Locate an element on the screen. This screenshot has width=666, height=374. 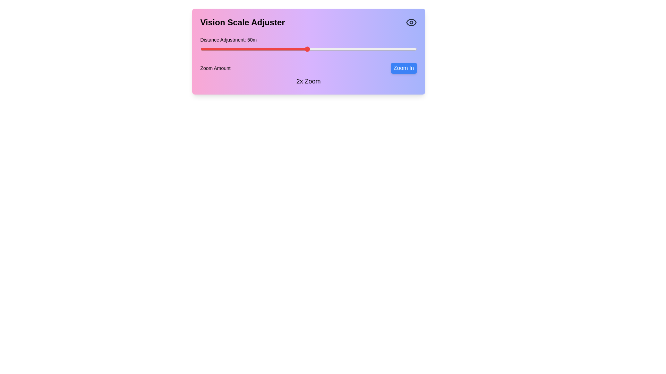
the eye icon segment, which is a curved oval shape located near the top-right corner of the main panel is located at coordinates (411, 22).